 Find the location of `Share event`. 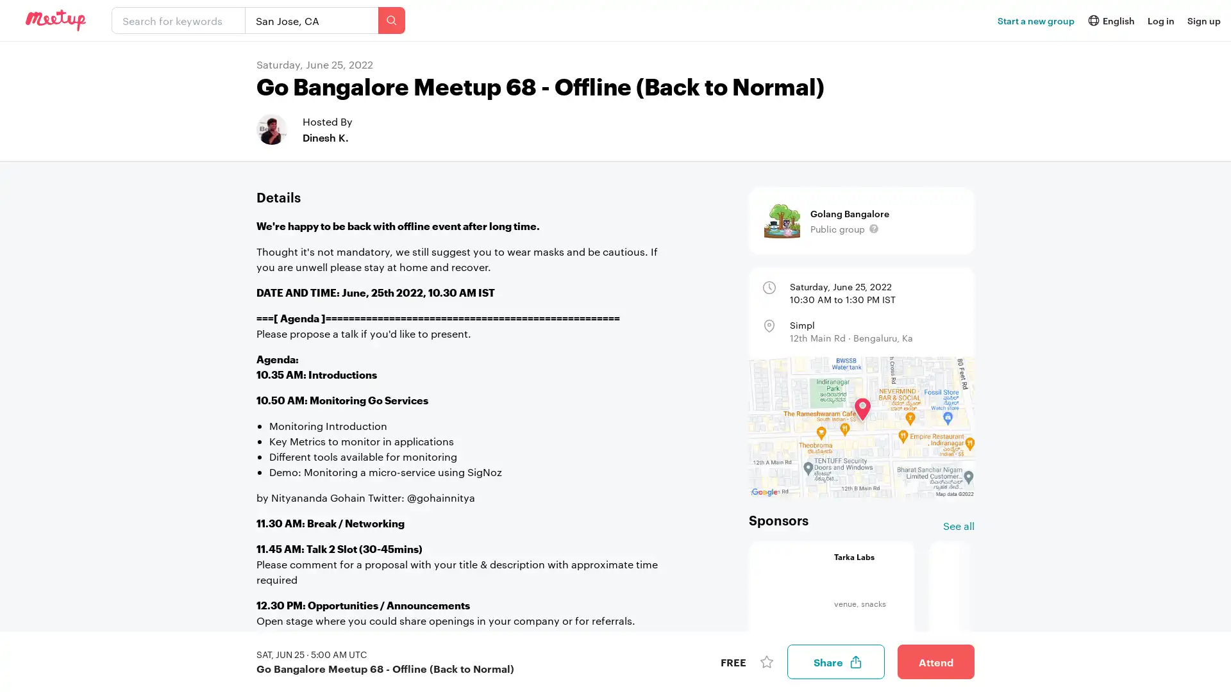

Share event is located at coordinates (836, 662).